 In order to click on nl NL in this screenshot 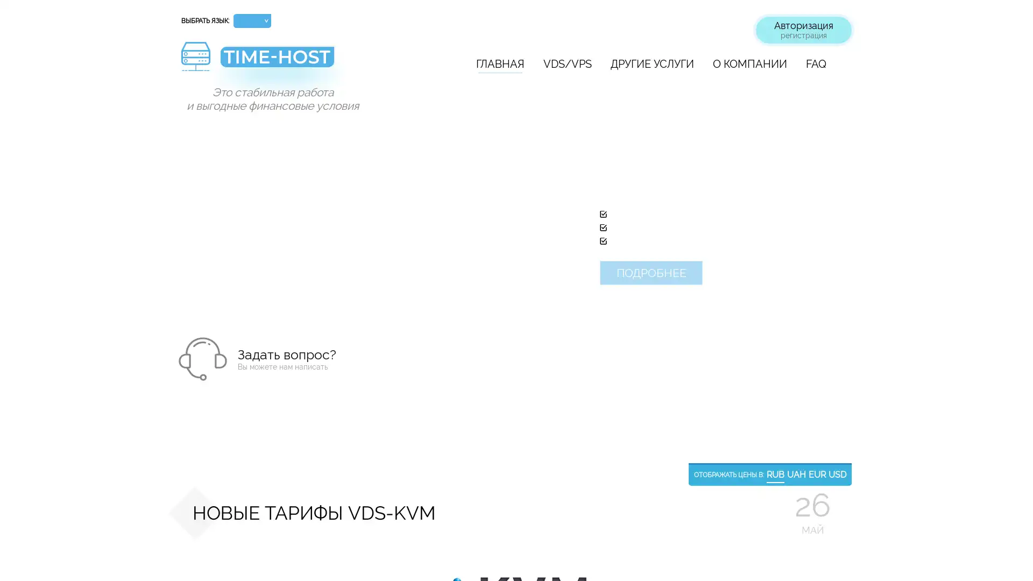, I will do `click(252, 161)`.